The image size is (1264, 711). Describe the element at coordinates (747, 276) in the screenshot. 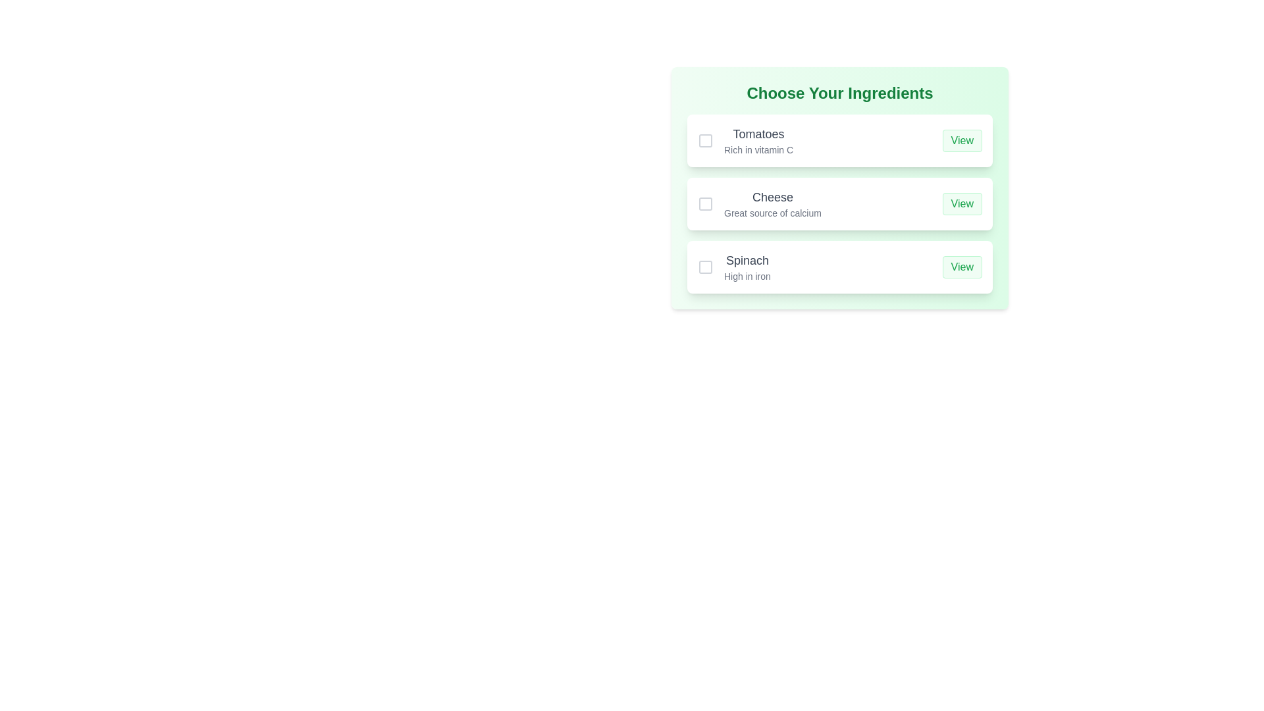

I see `the text label 'High in iron', which is styled in gray and located below the 'Spinach' label in the 'Choose Your Ingredients' list` at that location.